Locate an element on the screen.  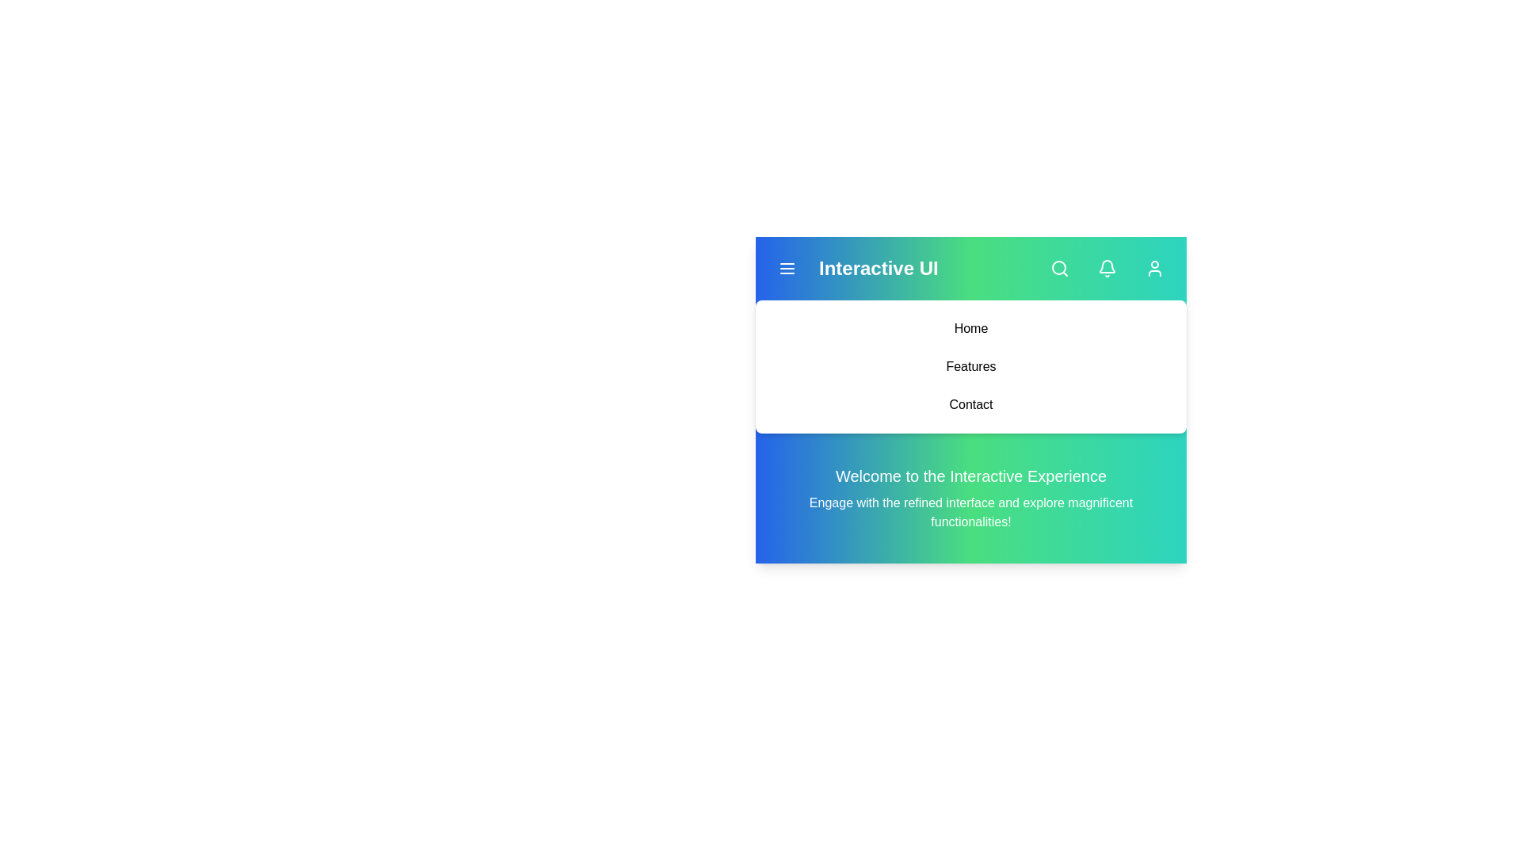
the 'Notifications' button to open the notifications panel is located at coordinates (1106, 268).